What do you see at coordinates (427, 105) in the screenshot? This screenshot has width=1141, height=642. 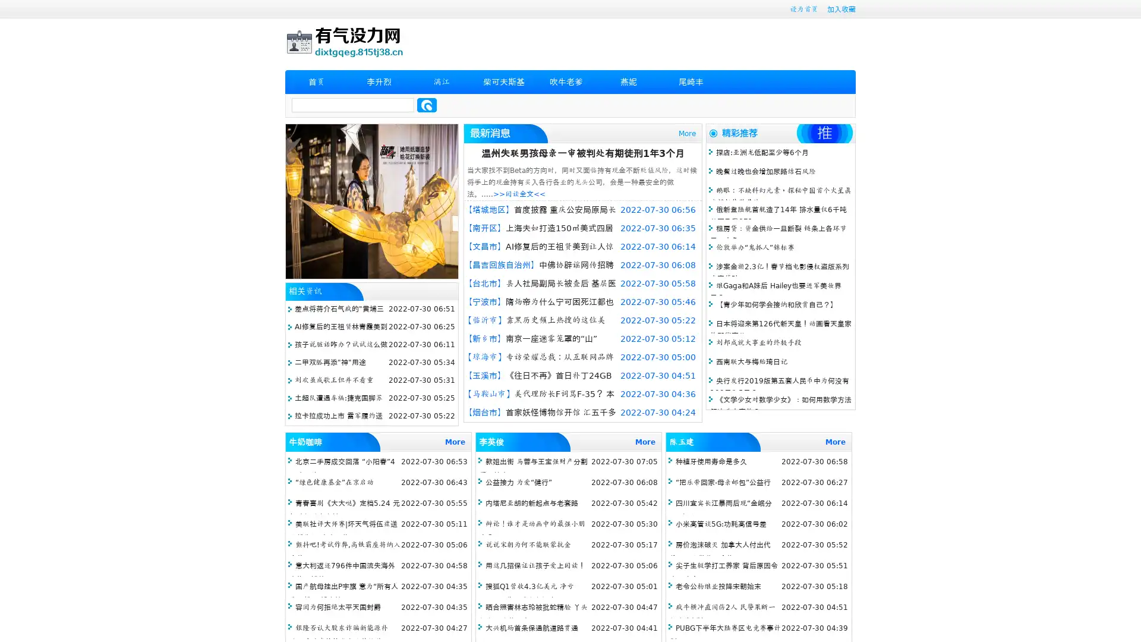 I see `Search` at bounding box center [427, 105].